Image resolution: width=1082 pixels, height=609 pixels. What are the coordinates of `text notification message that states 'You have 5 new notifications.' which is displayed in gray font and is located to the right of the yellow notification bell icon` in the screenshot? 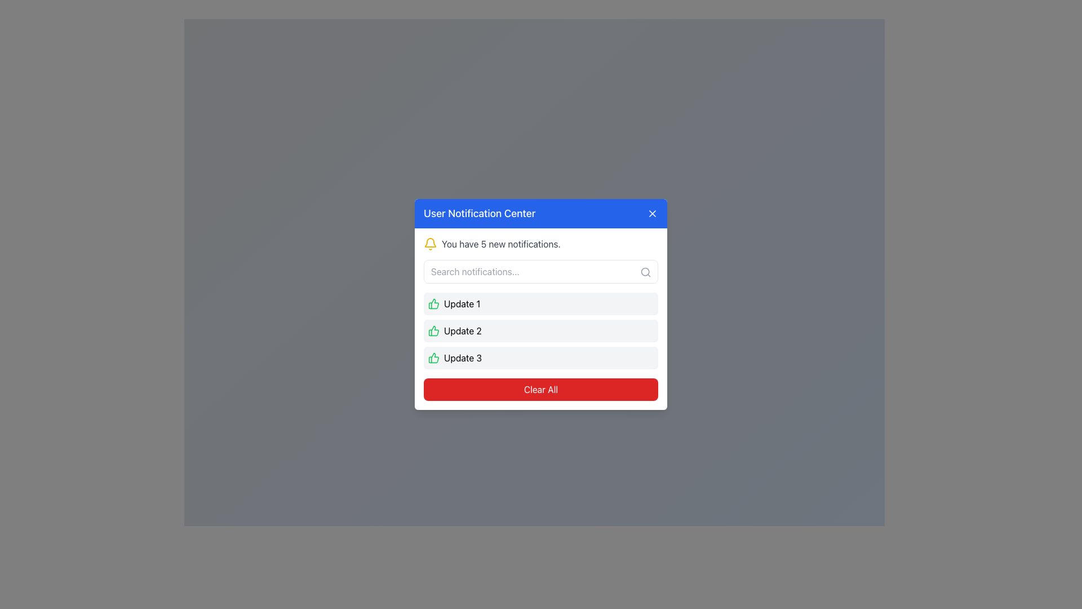 It's located at (500, 243).